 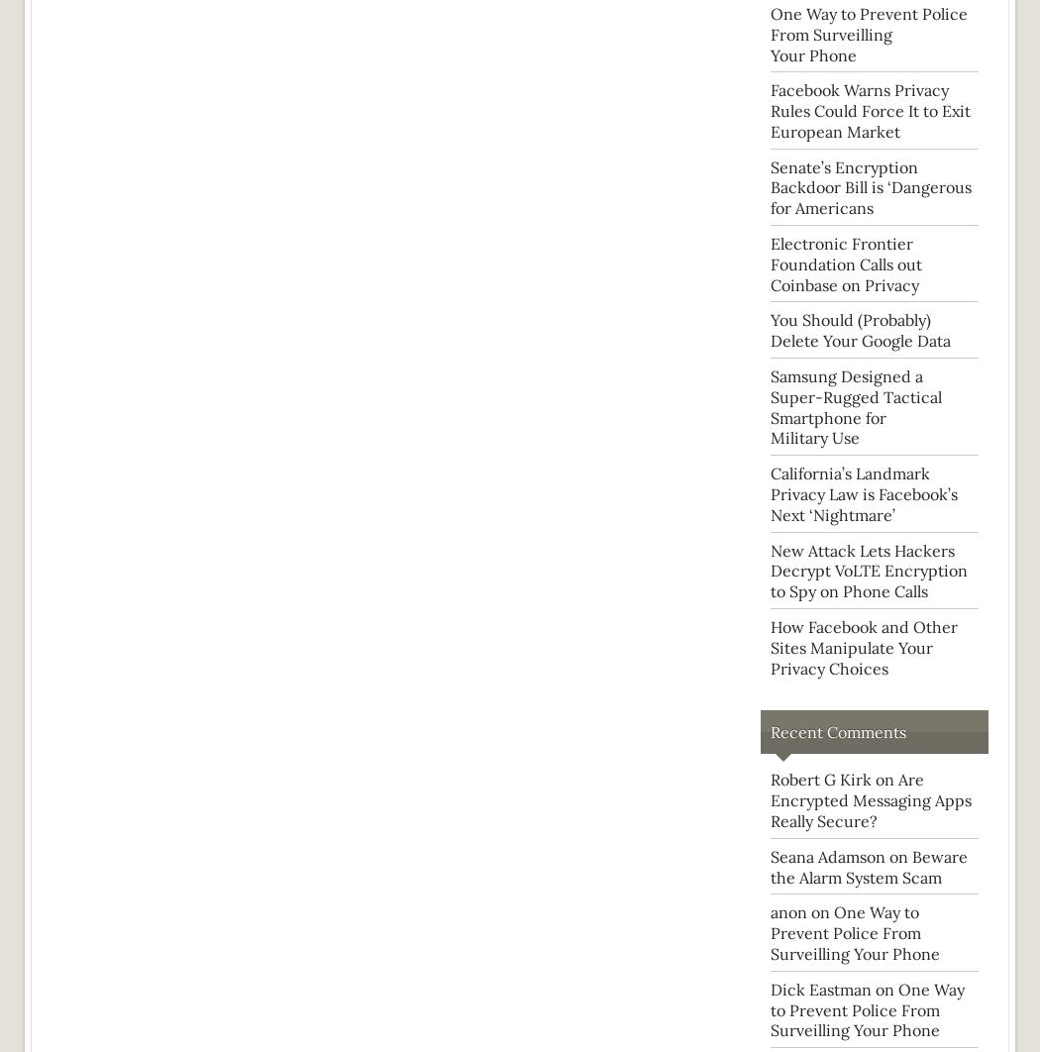 What do you see at coordinates (771, 798) in the screenshot?
I see `'Are Encrypted Messaging Apps Really Secure?'` at bounding box center [771, 798].